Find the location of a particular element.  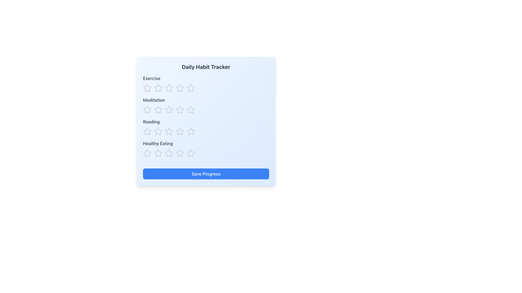

the first decorative interactive star icon in the row associated with the 'Exercise' category to rate it is located at coordinates (158, 88).